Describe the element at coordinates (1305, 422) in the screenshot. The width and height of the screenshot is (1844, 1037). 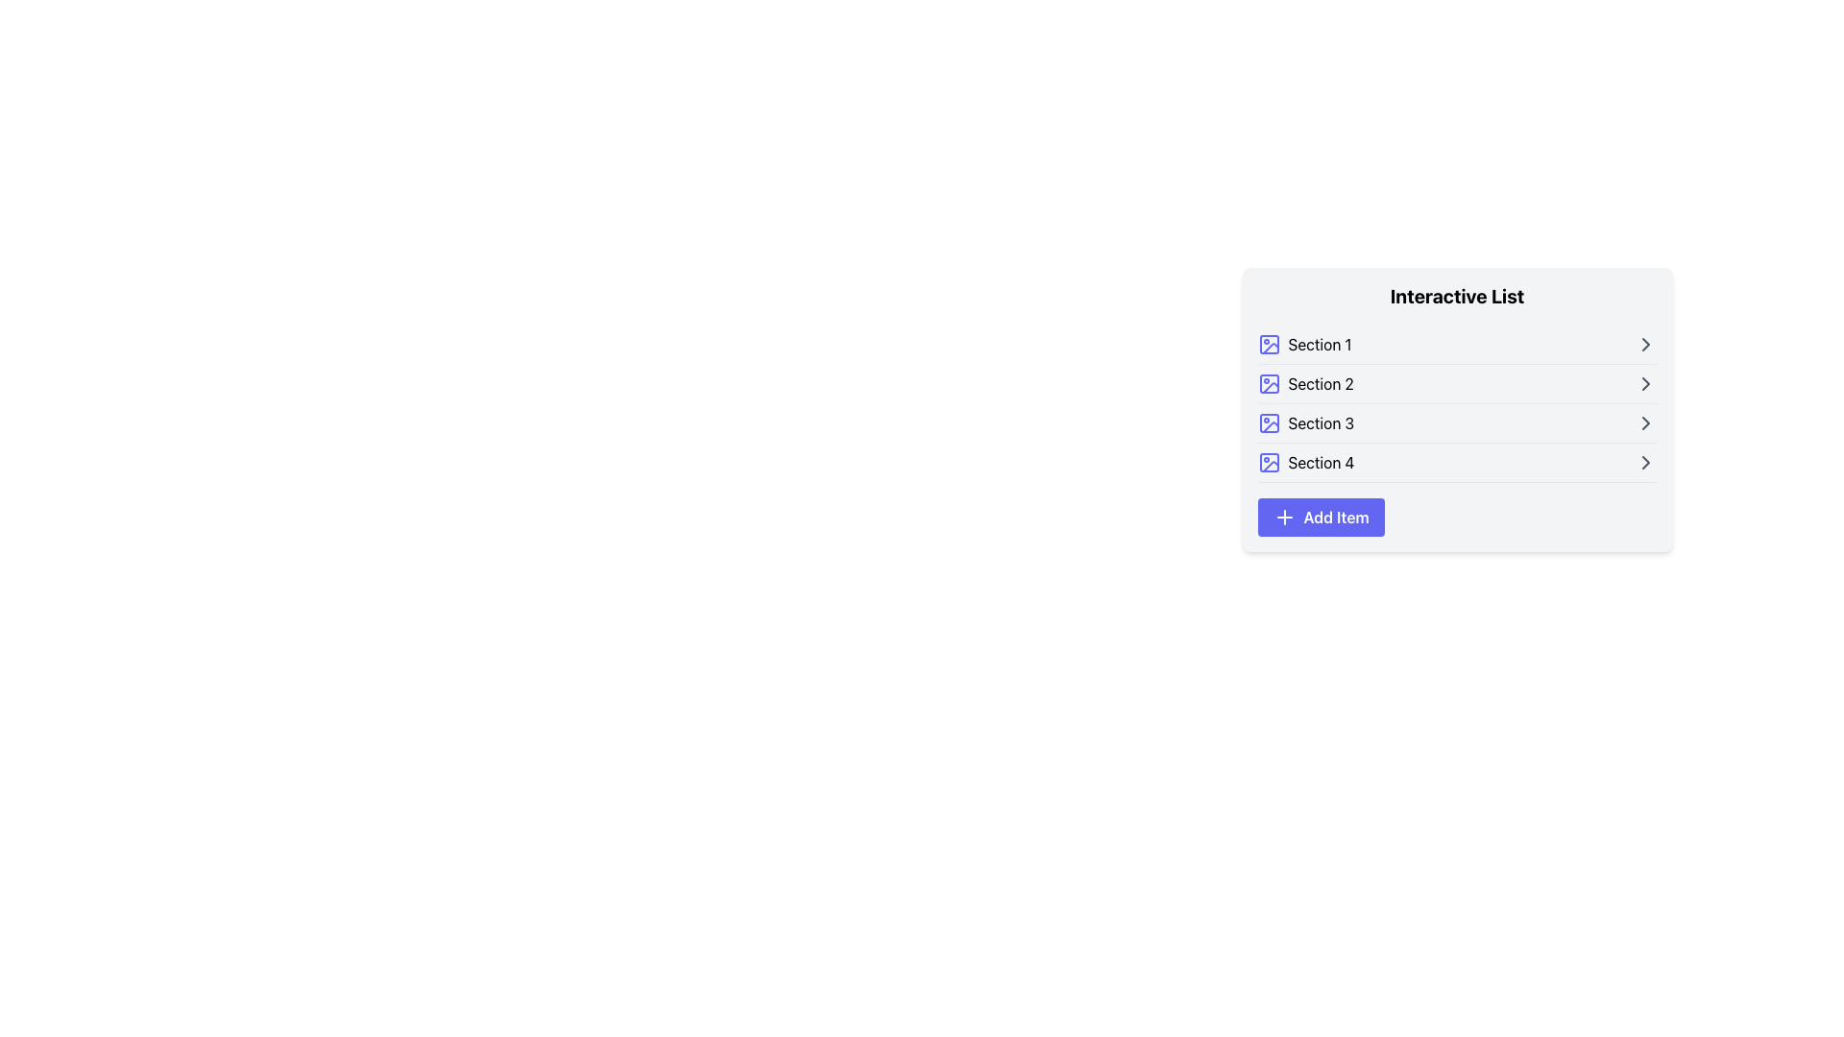
I see `the text 'Section 3' in bold, black text aligned to the right of a purple icon in the Interactive List` at that location.